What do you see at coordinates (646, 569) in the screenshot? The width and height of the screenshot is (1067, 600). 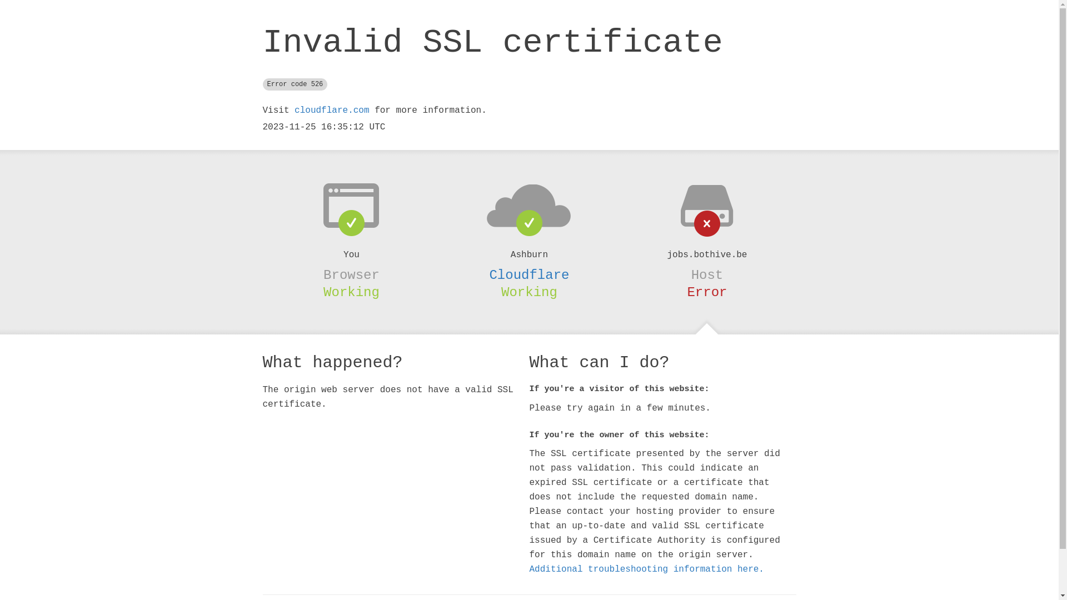 I see `'Additional troubleshooting information here.'` at bounding box center [646, 569].